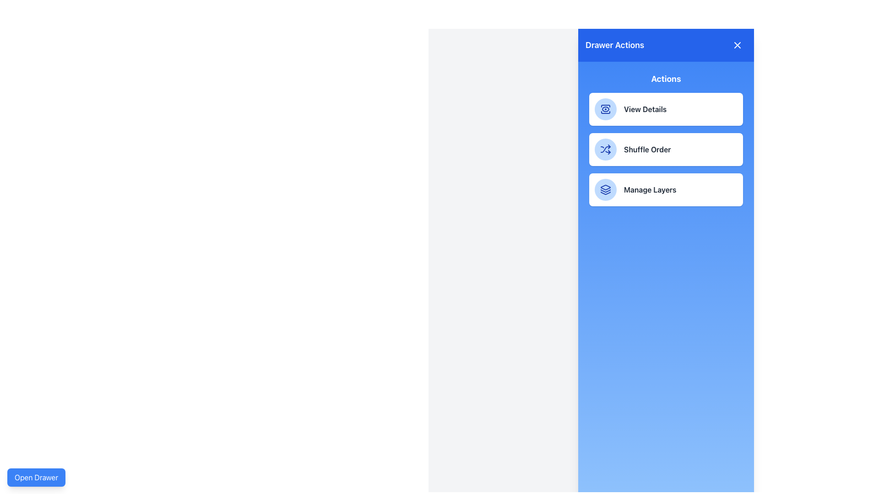 The height and width of the screenshot is (494, 879). What do you see at coordinates (738, 45) in the screenshot?
I see `the close button located in the top-right corner of the blue header bar labeled 'Drawer Actions' to observe the background color change` at bounding box center [738, 45].